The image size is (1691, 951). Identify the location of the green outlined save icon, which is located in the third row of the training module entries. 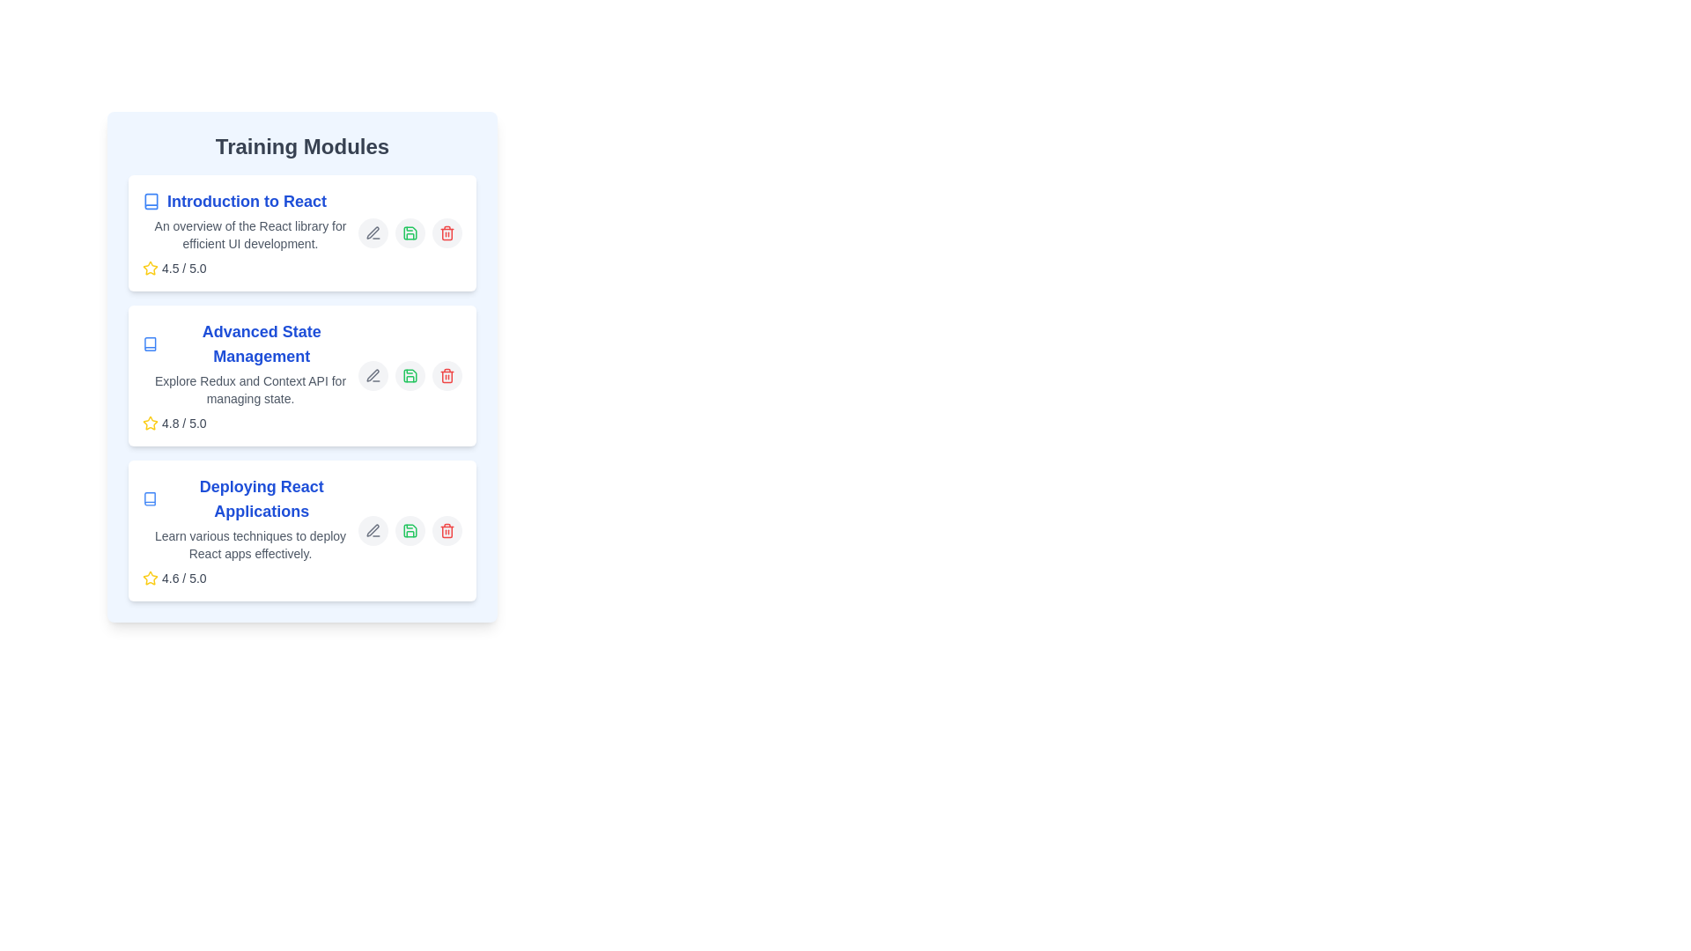
(409, 232).